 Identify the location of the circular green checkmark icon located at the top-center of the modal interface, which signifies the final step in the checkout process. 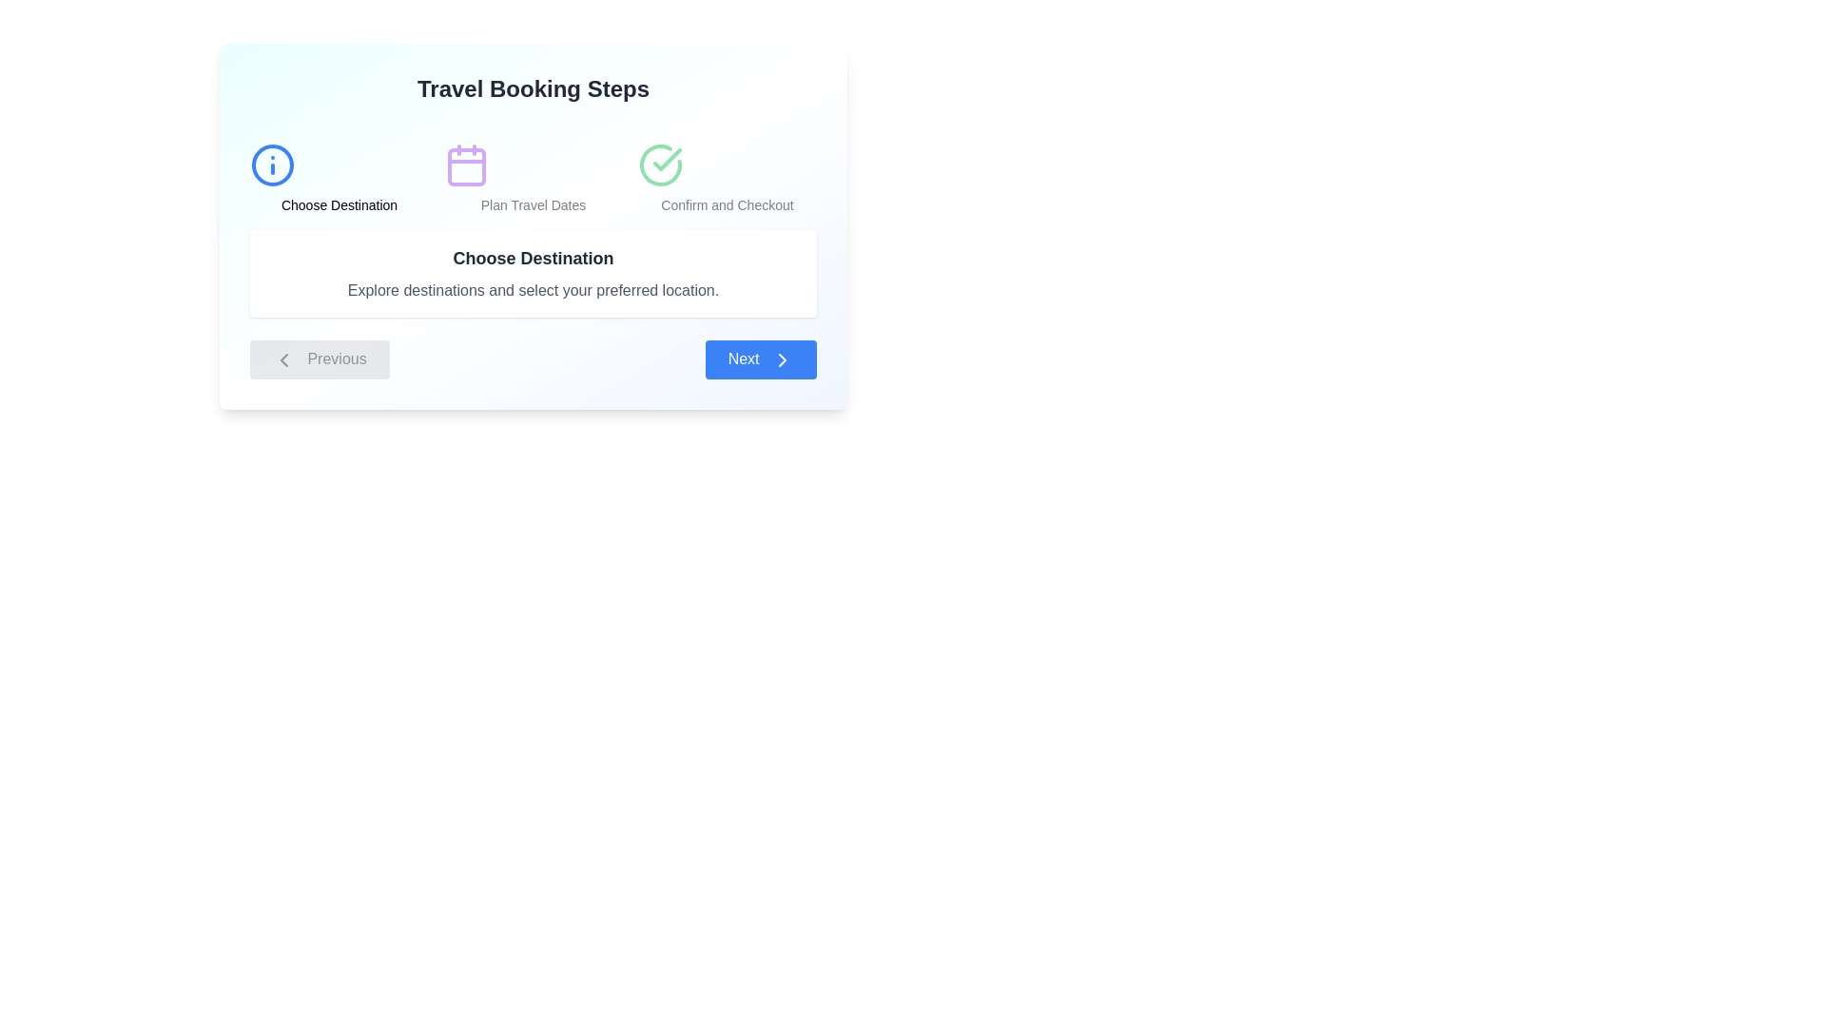
(661, 164).